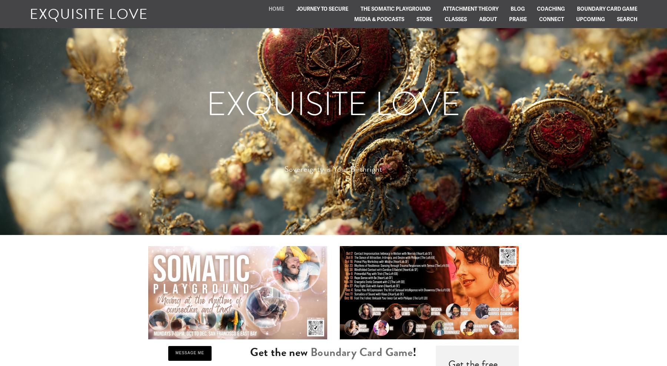 The height and width of the screenshot is (366, 667). Describe the element at coordinates (488, 19) in the screenshot. I see `'About'` at that location.